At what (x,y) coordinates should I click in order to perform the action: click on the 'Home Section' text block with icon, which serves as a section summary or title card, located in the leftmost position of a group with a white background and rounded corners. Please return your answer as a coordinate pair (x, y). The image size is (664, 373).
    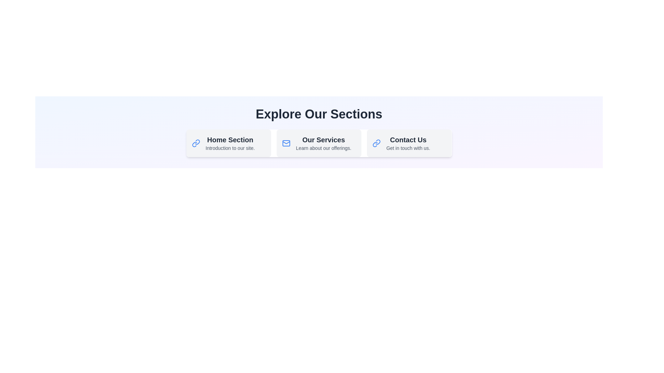
    Looking at the image, I should click on (229, 143).